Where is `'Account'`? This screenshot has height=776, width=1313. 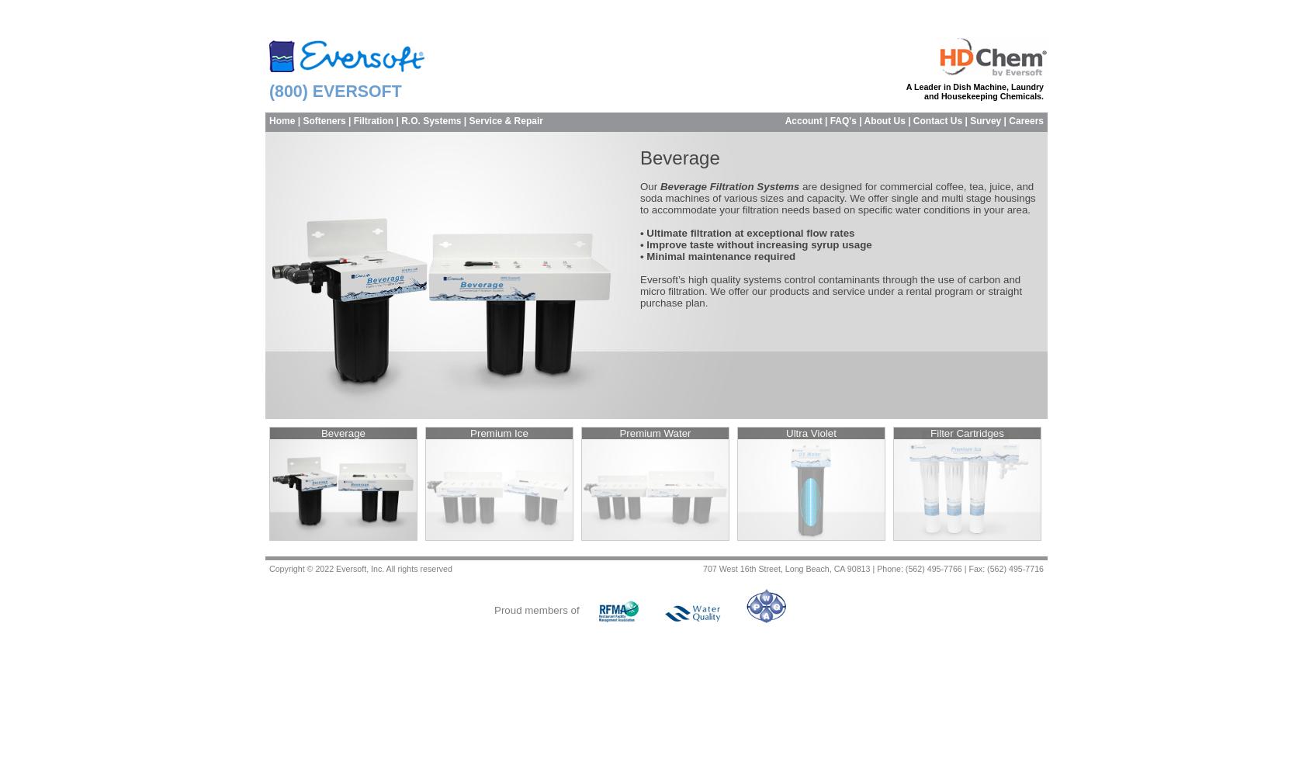 'Account' is located at coordinates (802, 121).